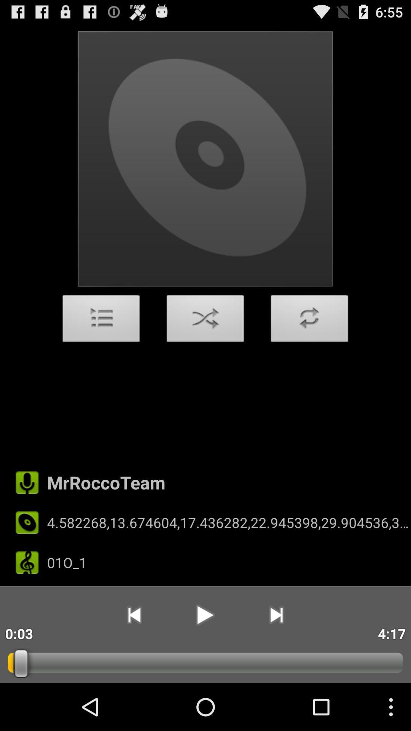 Image resolution: width=411 pixels, height=731 pixels. I want to click on icon above mrroccoteam icon, so click(309, 321).